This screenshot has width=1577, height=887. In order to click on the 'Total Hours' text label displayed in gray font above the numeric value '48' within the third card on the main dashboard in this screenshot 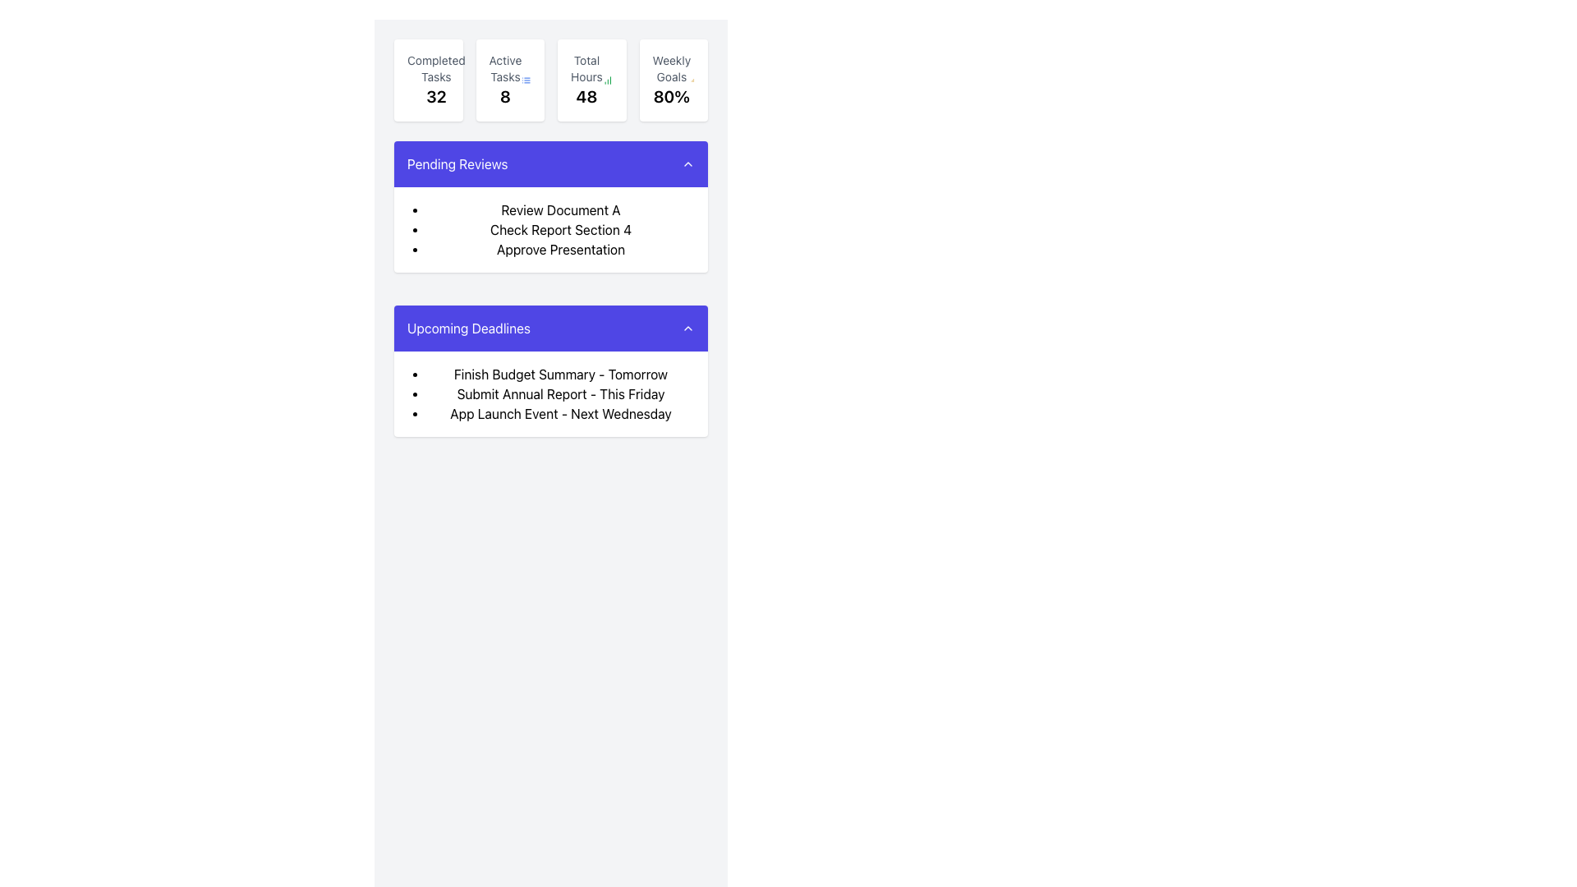, I will do `click(586, 68)`.